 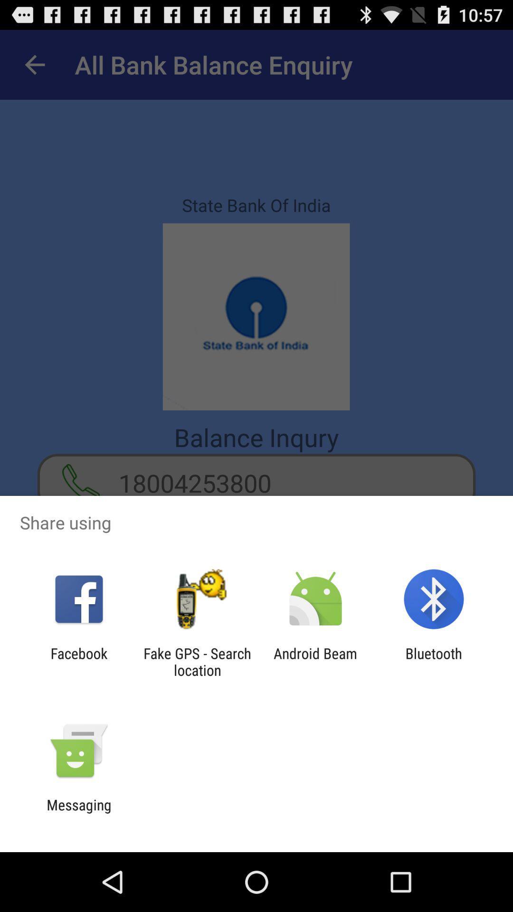 I want to click on icon at the bottom right corner, so click(x=434, y=661).